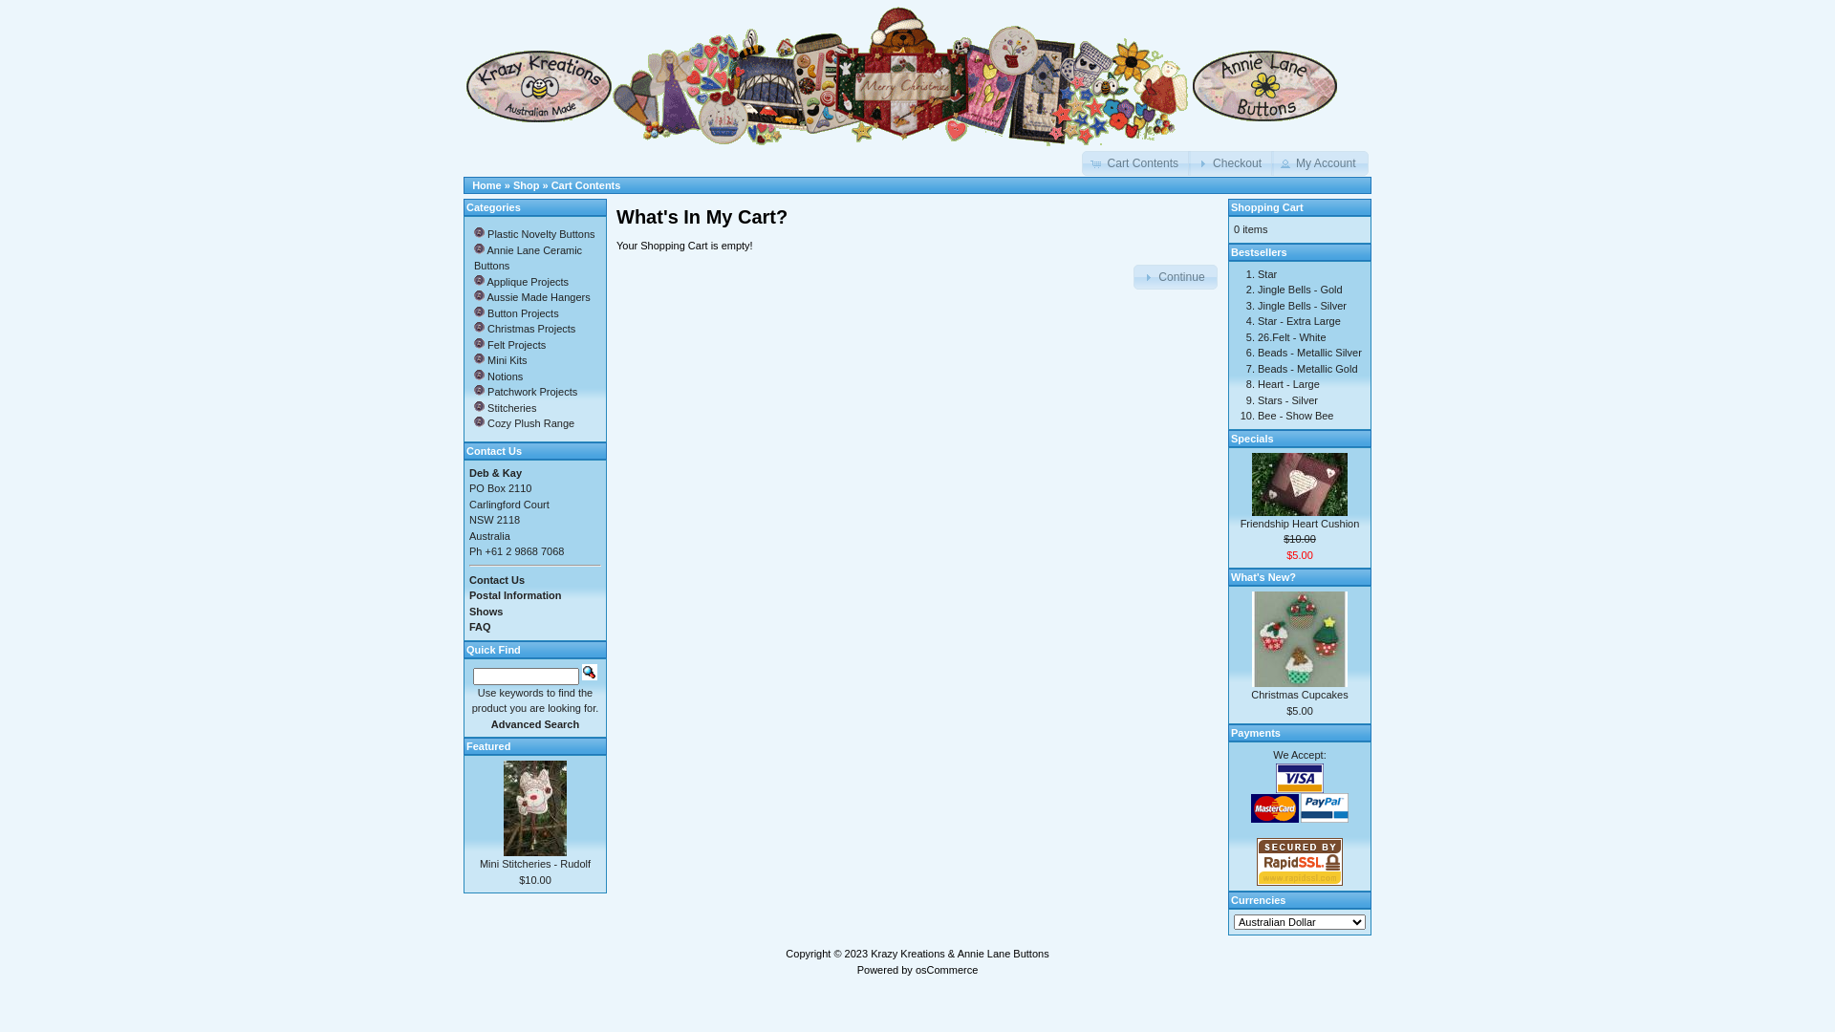 The image size is (1835, 1032). Describe the element at coordinates (1306, 368) in the screenshot. I see `'Beads - Metallic Gold'` at that location.